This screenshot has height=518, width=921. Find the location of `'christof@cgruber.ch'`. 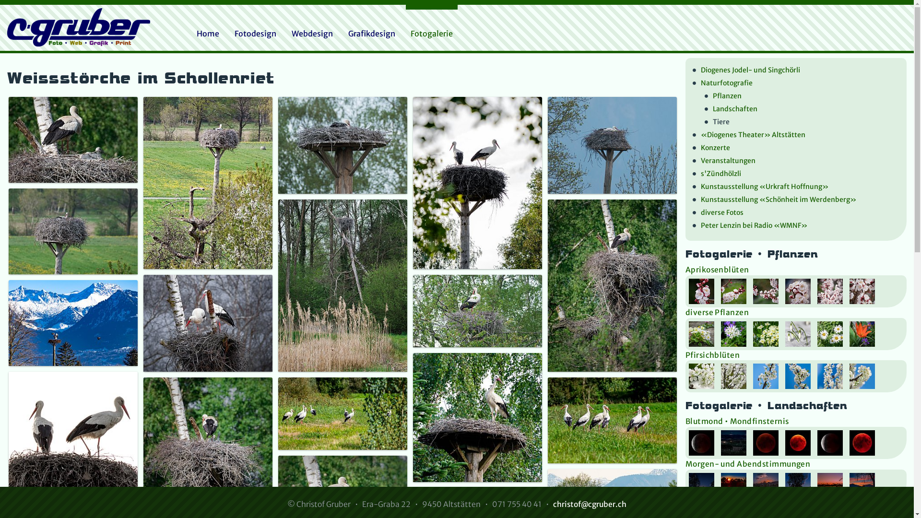

'christof@cgruber.ch' is located at coordinates (589, 504).